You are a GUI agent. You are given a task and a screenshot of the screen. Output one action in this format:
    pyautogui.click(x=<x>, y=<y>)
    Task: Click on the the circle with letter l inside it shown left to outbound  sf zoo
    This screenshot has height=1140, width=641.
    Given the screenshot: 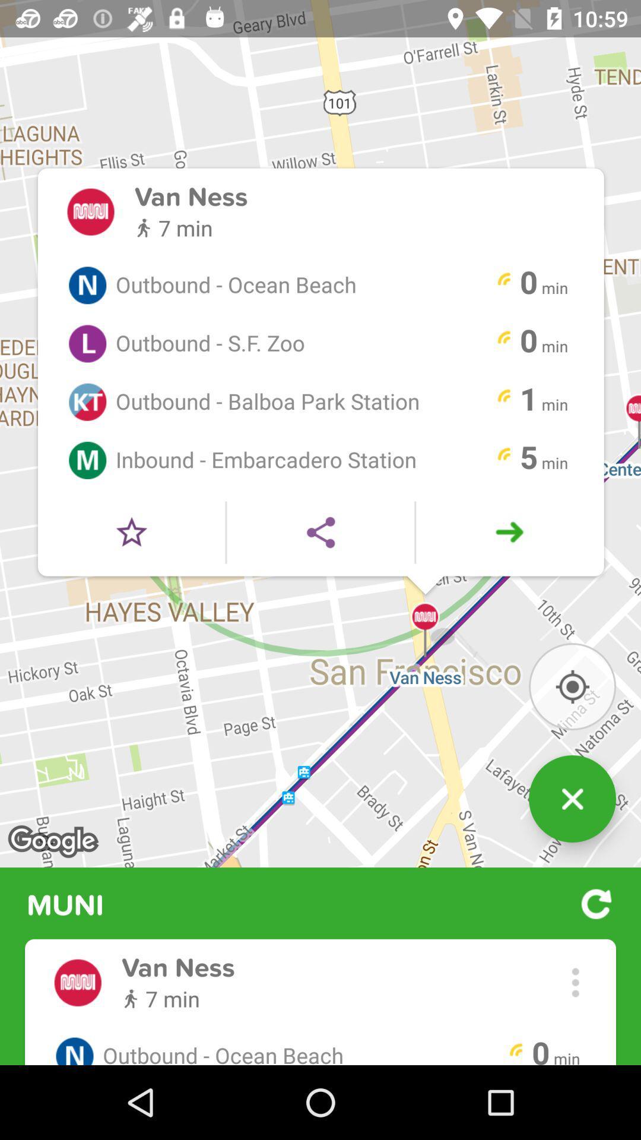 What is the action you would take?
    pyautogui.click(x=87, y=343)
    